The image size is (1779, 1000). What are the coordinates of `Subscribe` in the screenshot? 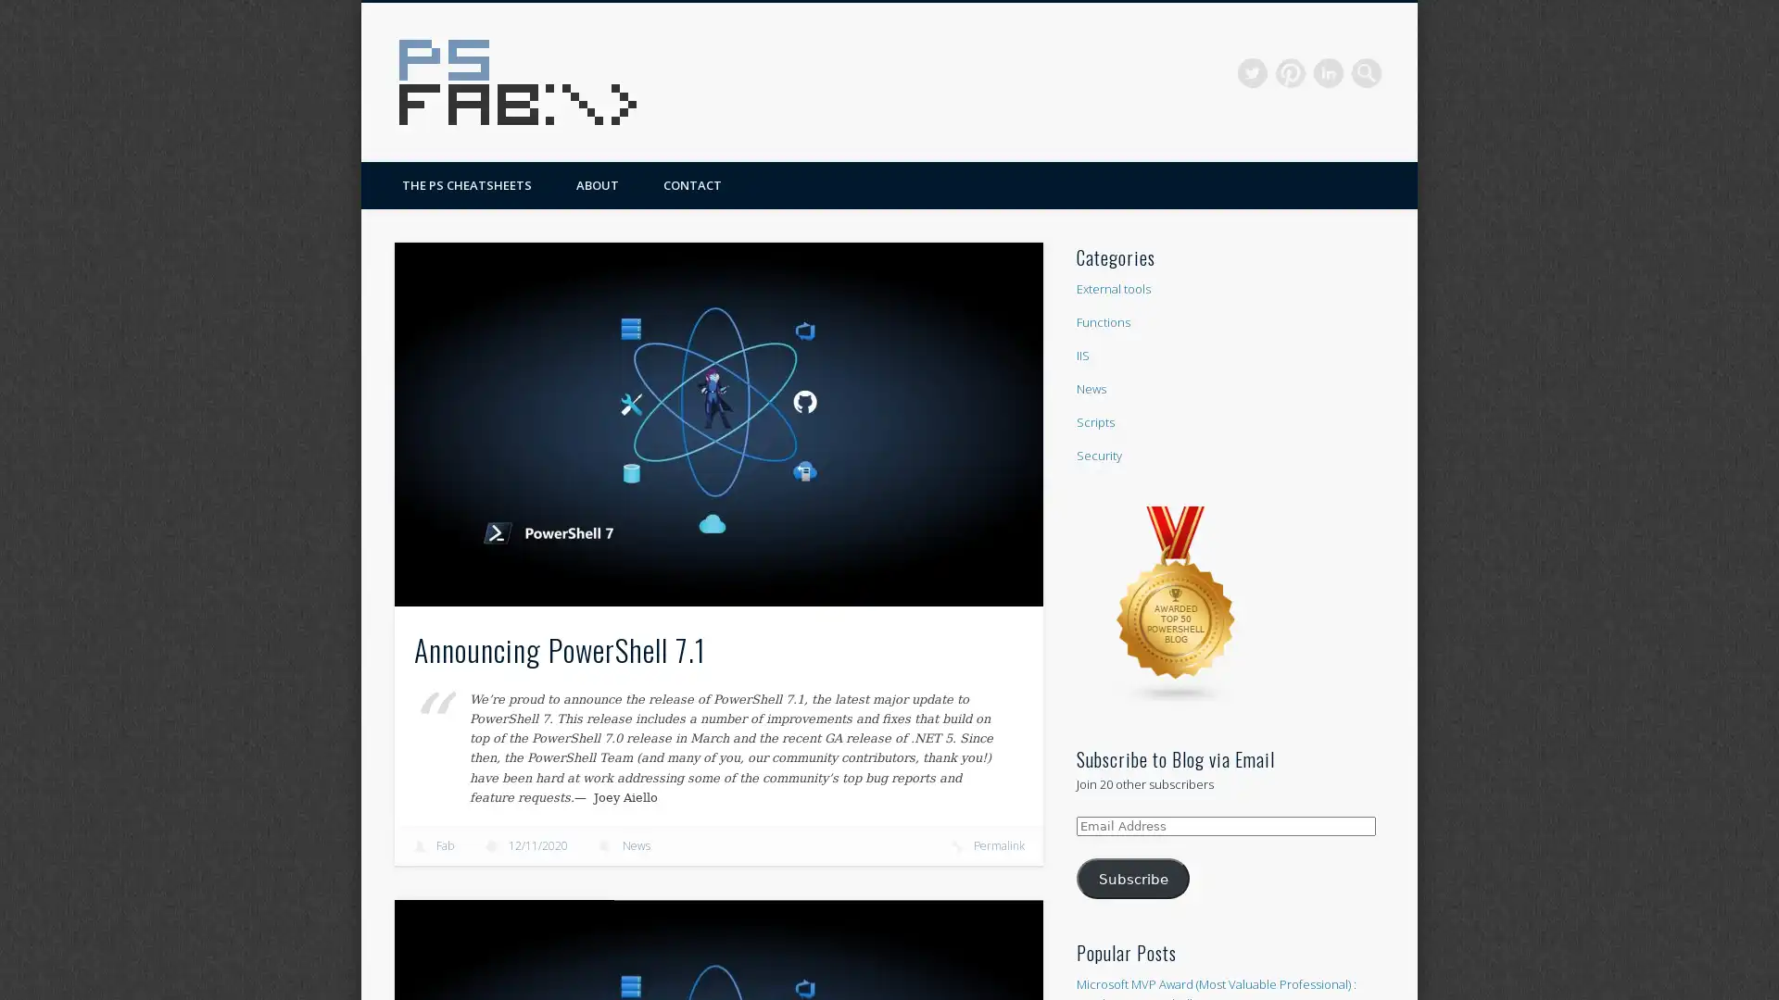 It's located at (1132, 877).